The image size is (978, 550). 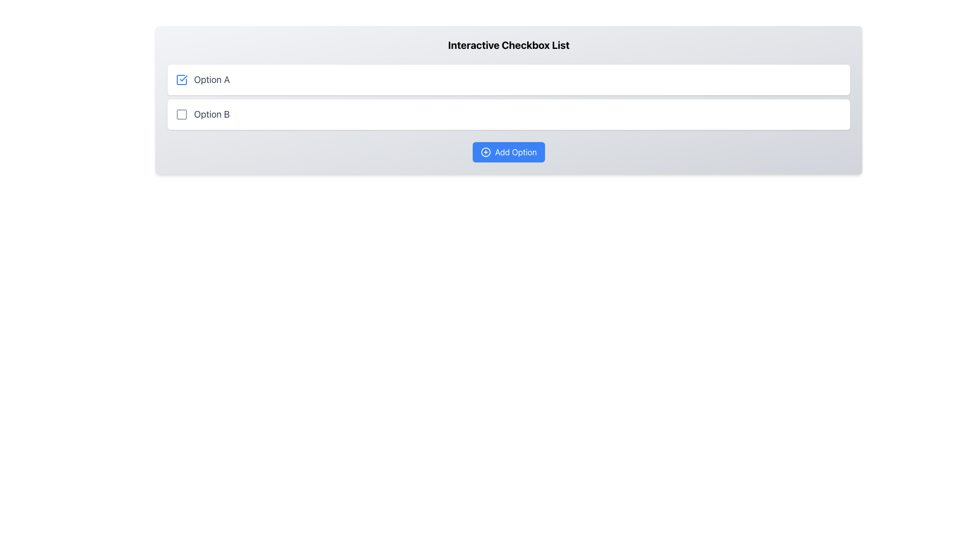 What do you see at coordinates (181, 79) in the screenshot?
I see `the checkbox located to the left of the text 'Option A'` at bounding box center [181, 79].